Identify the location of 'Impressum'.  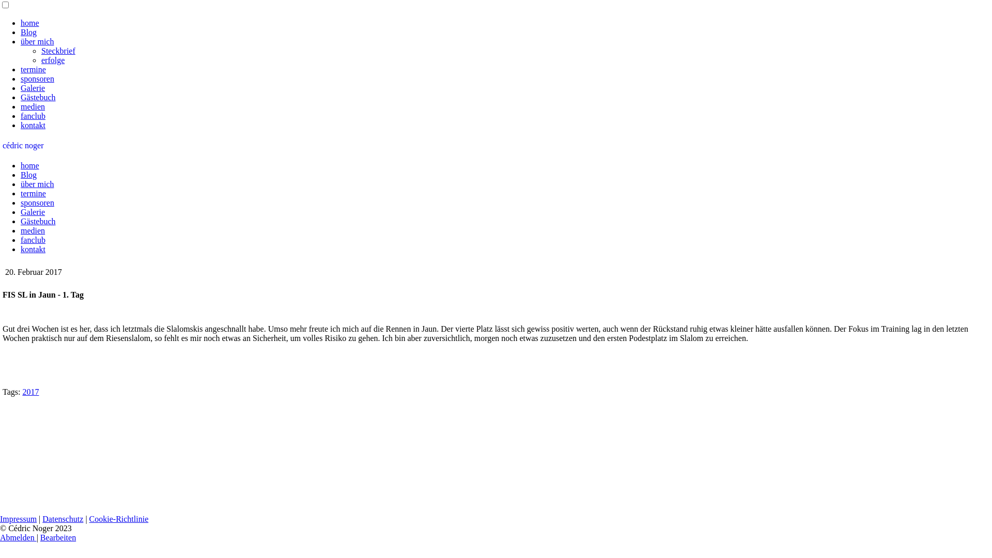
(0, 519).